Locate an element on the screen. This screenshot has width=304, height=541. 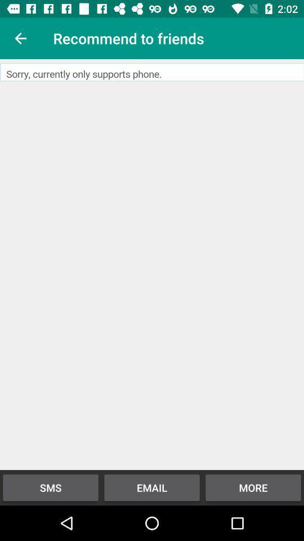
black is located at coordinates (152, 264).